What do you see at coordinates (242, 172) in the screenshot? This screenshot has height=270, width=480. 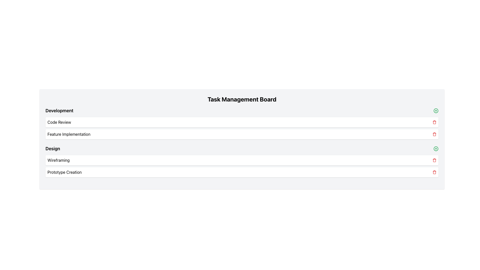 I see `to select the task or category titled 'Prototype Creation' which is located in the 'Design' section of the task board, directly below 'Wireframing'` at bounding box center [242, 172].